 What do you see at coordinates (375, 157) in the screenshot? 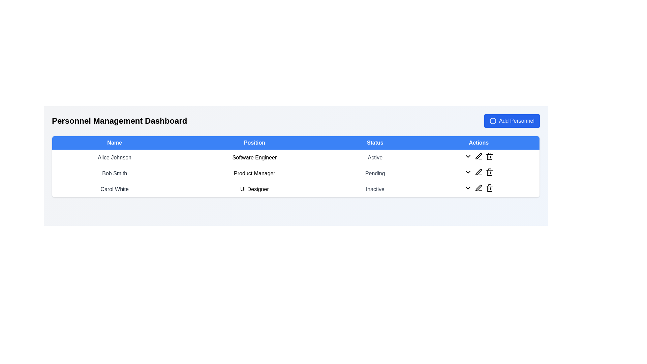
I see `the text label indicating the status of the user 'Active' in the 'Status' column for 'Alice Johnson'` at bounding box center [375, 157].